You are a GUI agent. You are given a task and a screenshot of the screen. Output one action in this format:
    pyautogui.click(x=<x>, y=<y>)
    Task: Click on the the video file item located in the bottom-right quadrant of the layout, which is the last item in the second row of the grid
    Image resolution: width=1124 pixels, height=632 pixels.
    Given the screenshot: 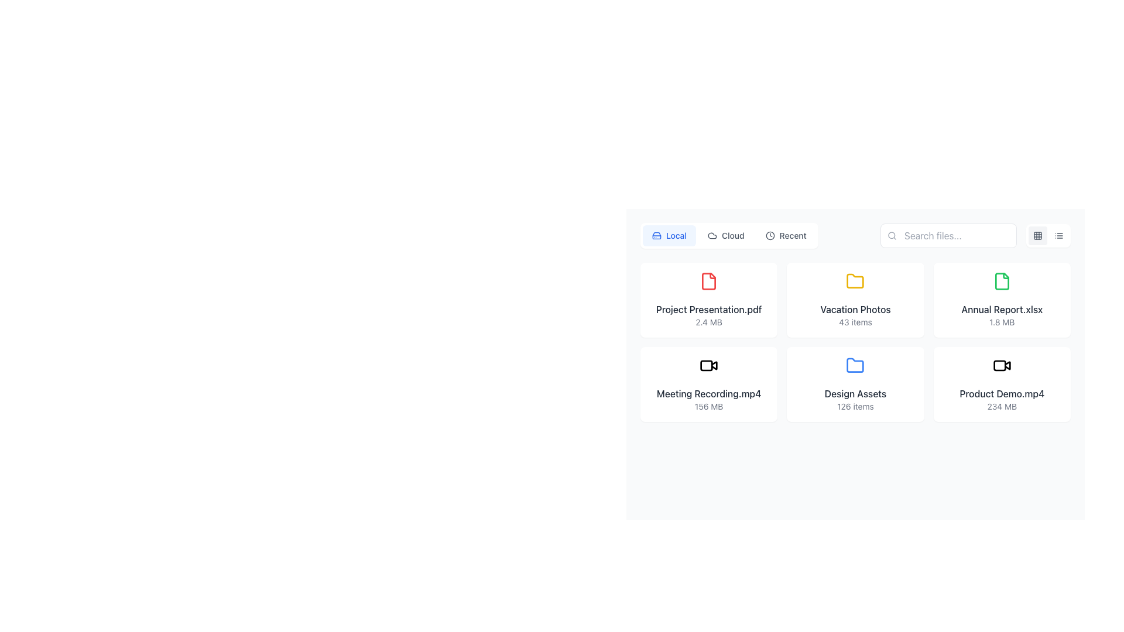 What is the action you would take?
    pyautogui.click(x=1001, y=384)
    